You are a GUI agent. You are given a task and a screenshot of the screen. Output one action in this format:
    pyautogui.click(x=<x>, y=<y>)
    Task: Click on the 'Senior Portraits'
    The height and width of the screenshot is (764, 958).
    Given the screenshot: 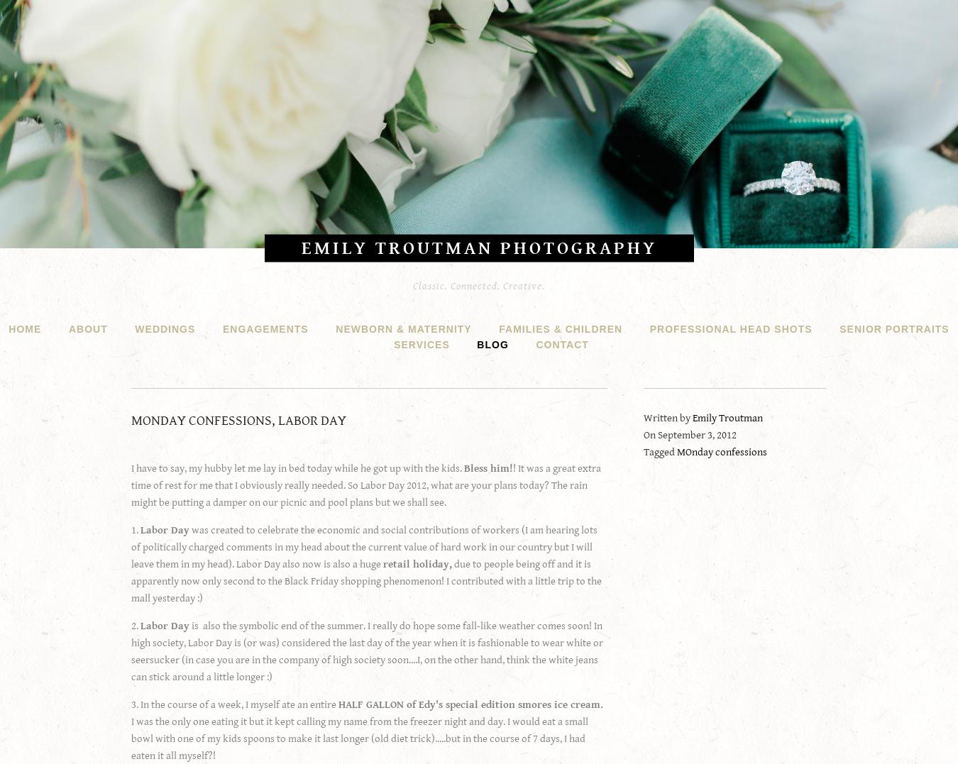 What is the action you would take?
    pyautogui.click(x=839, y=328)
    